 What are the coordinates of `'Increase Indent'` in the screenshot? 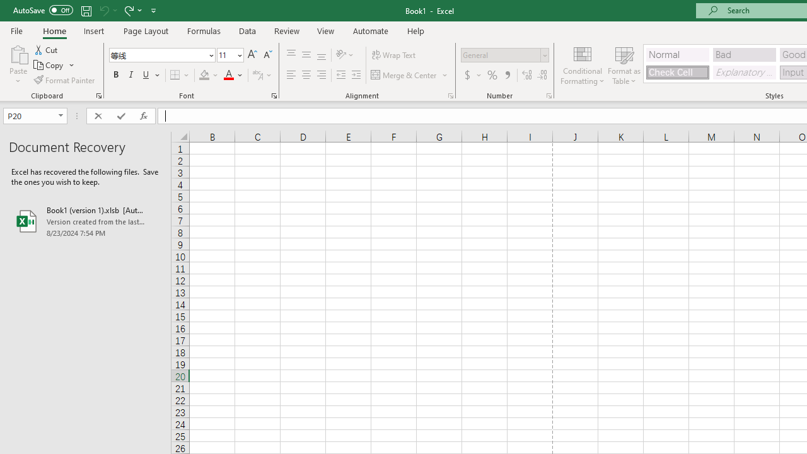 It's located at (356, 75).